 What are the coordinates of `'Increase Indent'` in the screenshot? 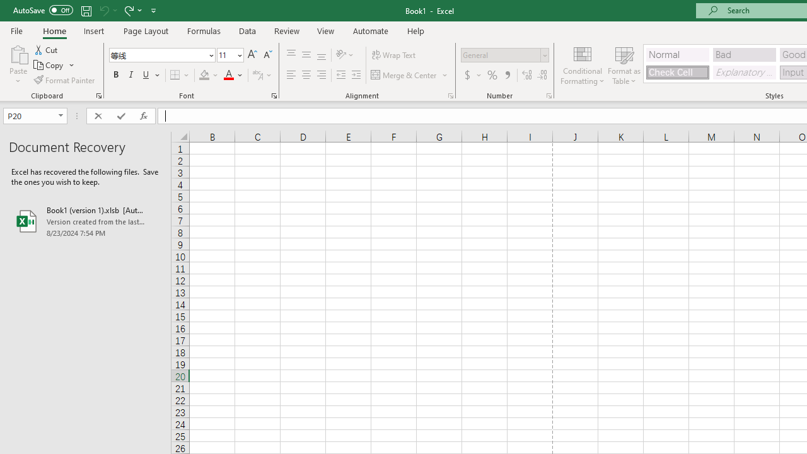 It's located at (356, 75).